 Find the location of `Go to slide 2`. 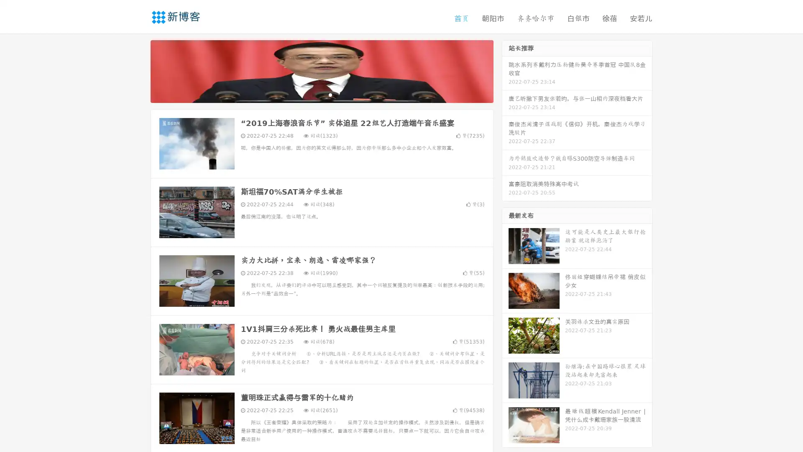

Go to slide 2 is located at coordinates (321, 94).